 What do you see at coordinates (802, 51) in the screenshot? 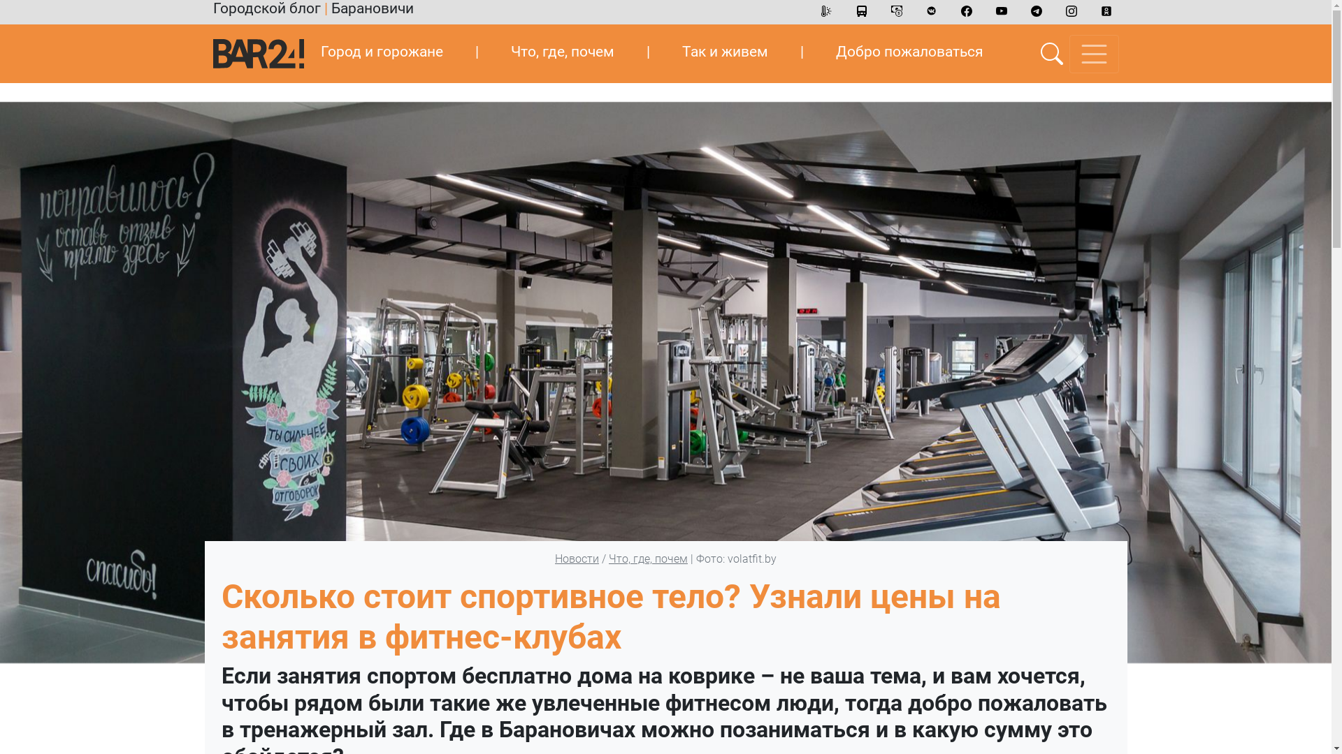
I see `'|'` at bounding box center [802, 51].